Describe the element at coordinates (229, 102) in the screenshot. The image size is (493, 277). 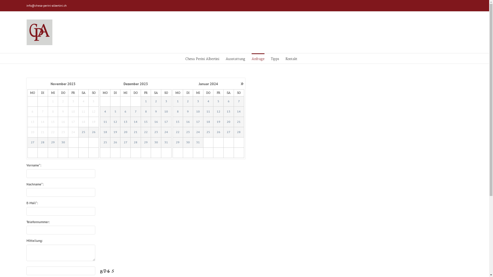
I see `'6'` at that location.